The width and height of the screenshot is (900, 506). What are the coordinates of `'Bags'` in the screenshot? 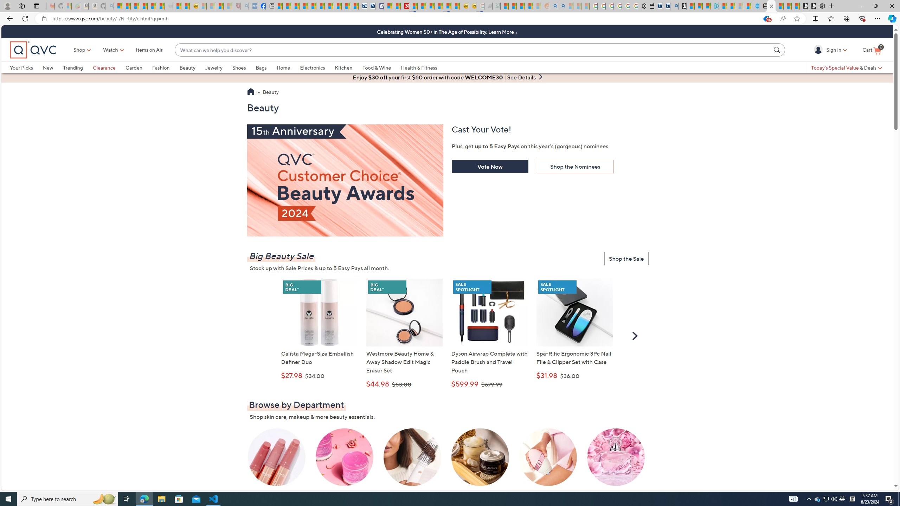 It's located at (265, 67).